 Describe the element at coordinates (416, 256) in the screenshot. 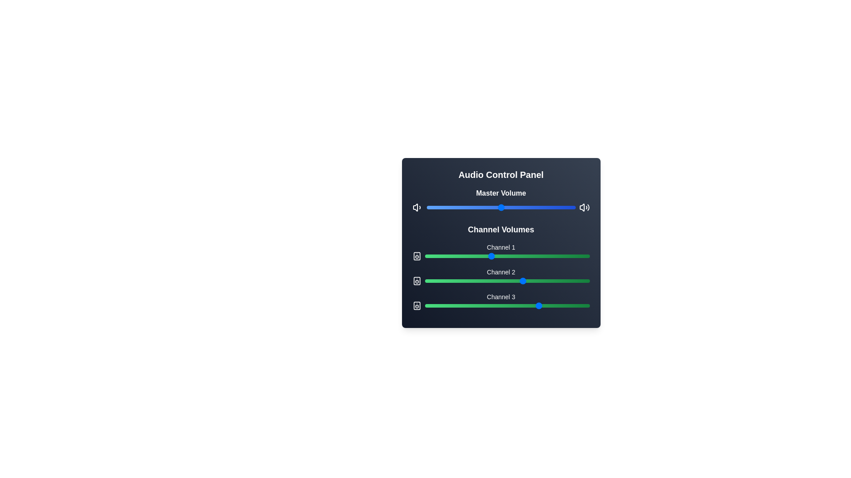

I see `the audio channel speaker icon located to the left of the green progress bar for 'Channel 1' in the 'Channel Volumes' section` at that location.